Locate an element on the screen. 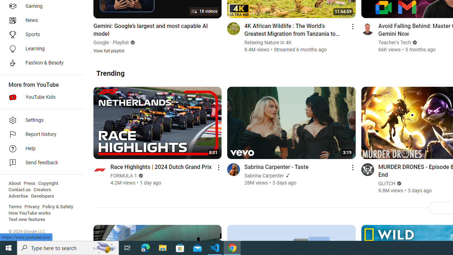 This screenshot has height=255, width=453. 'Developers' is located at coordinates (42, 196).